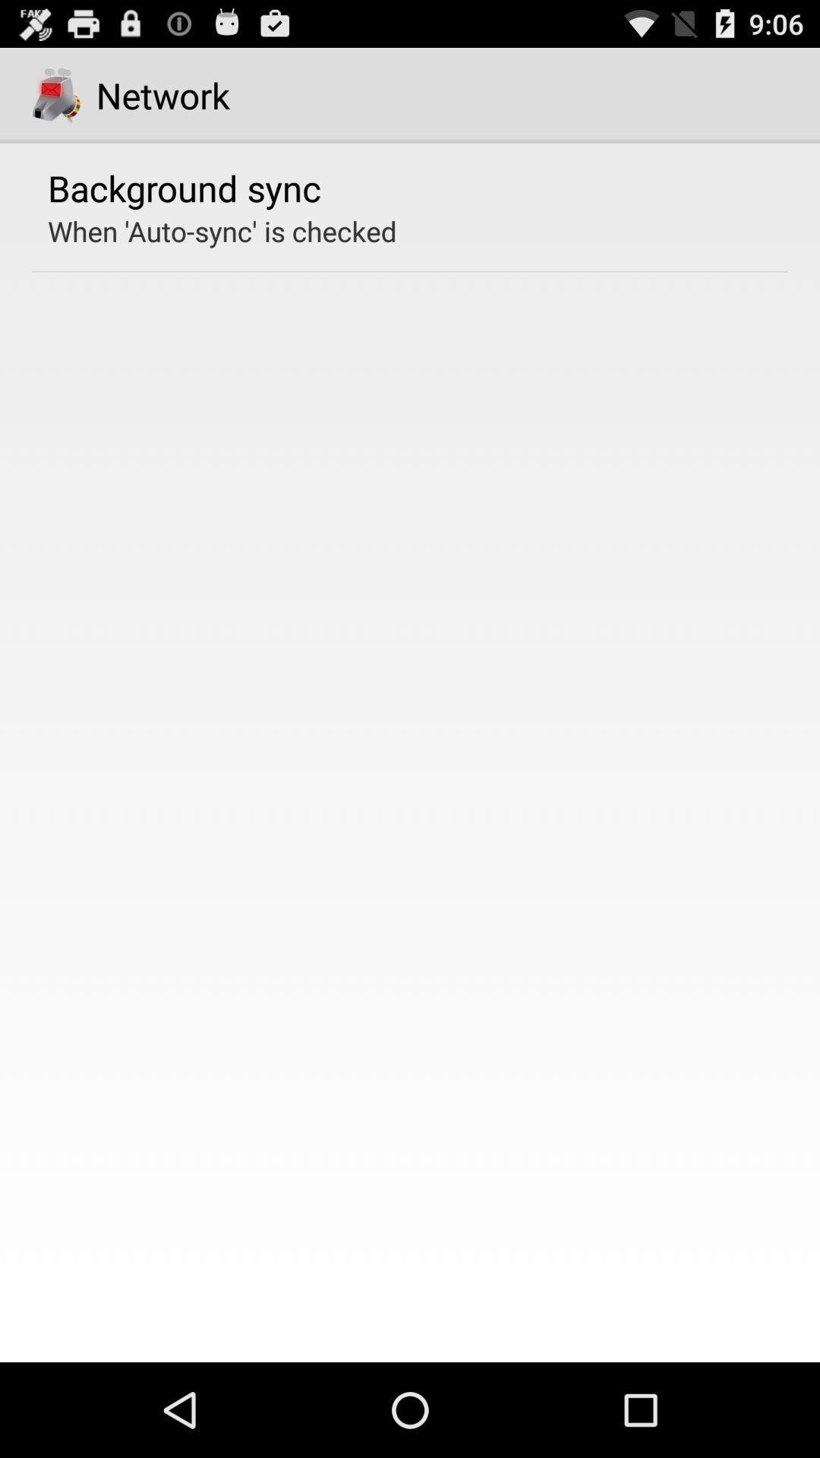  I want to click on the when auto sync app, so click(222, 230).